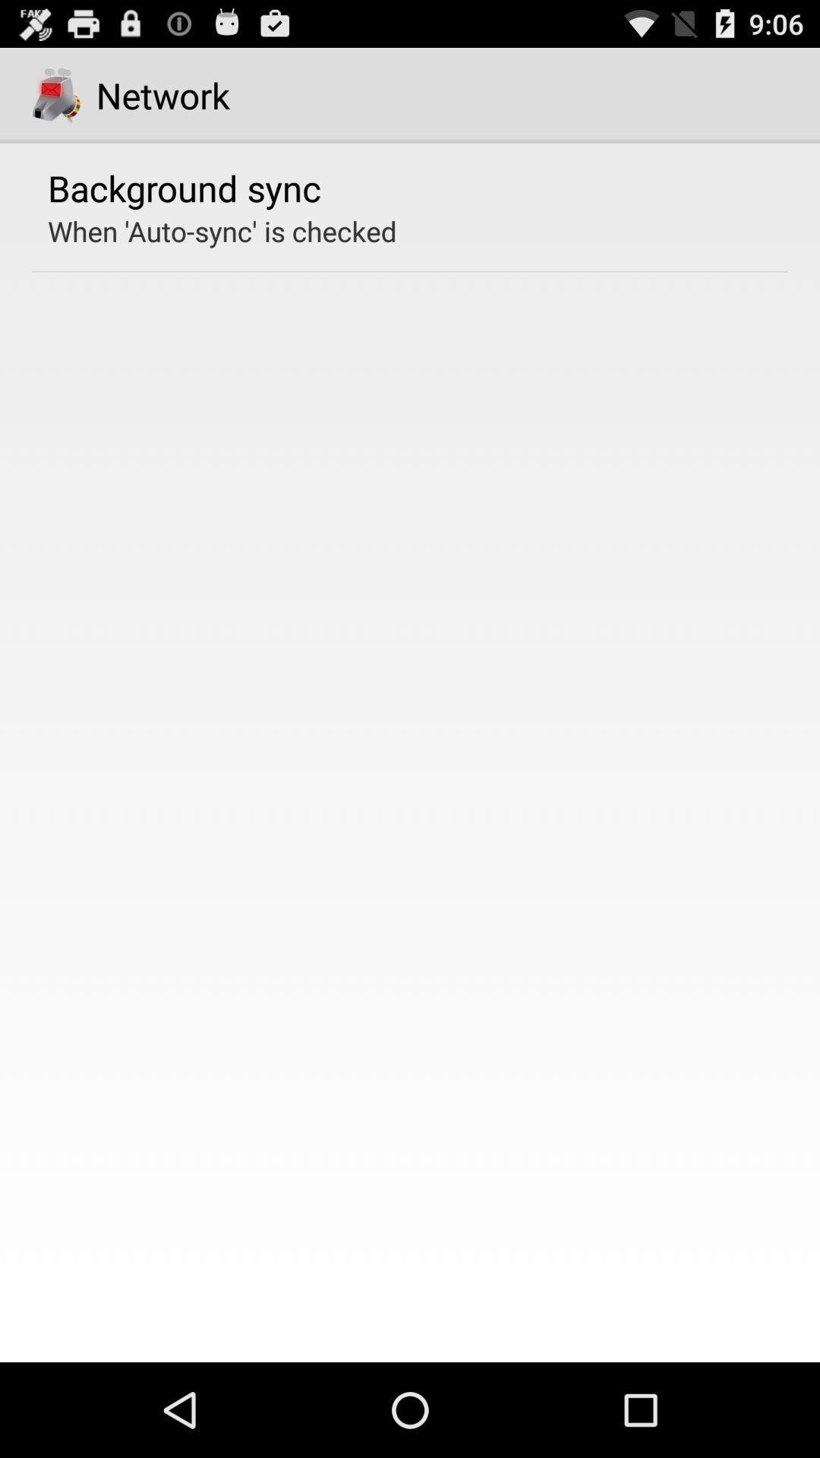  I want to click on the when auto sync app, so click(222, 230).